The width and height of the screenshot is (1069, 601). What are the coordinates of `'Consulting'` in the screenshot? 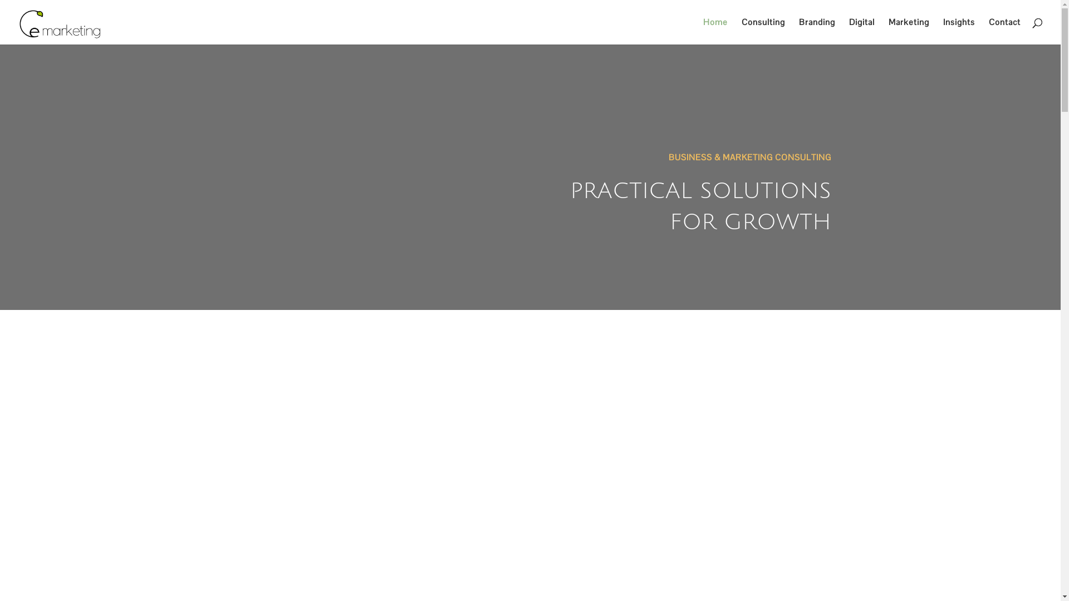 It's located at (763, 31).